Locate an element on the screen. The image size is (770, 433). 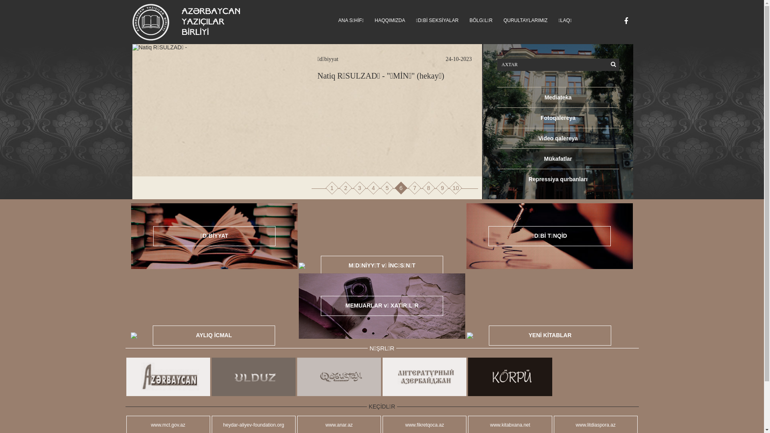
'3' is located at coordinates (354, 188).